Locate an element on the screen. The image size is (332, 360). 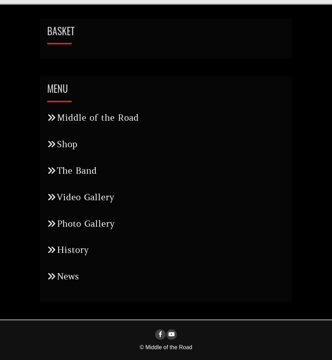
'Shop' is located at coordinates (67, 144).